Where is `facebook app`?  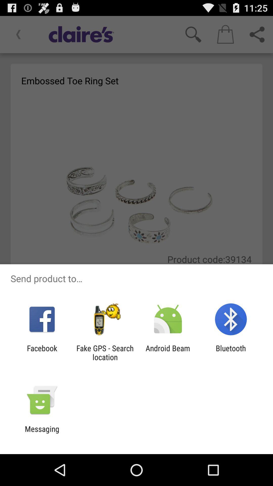
facebook app is located at coordinates (42, 352).